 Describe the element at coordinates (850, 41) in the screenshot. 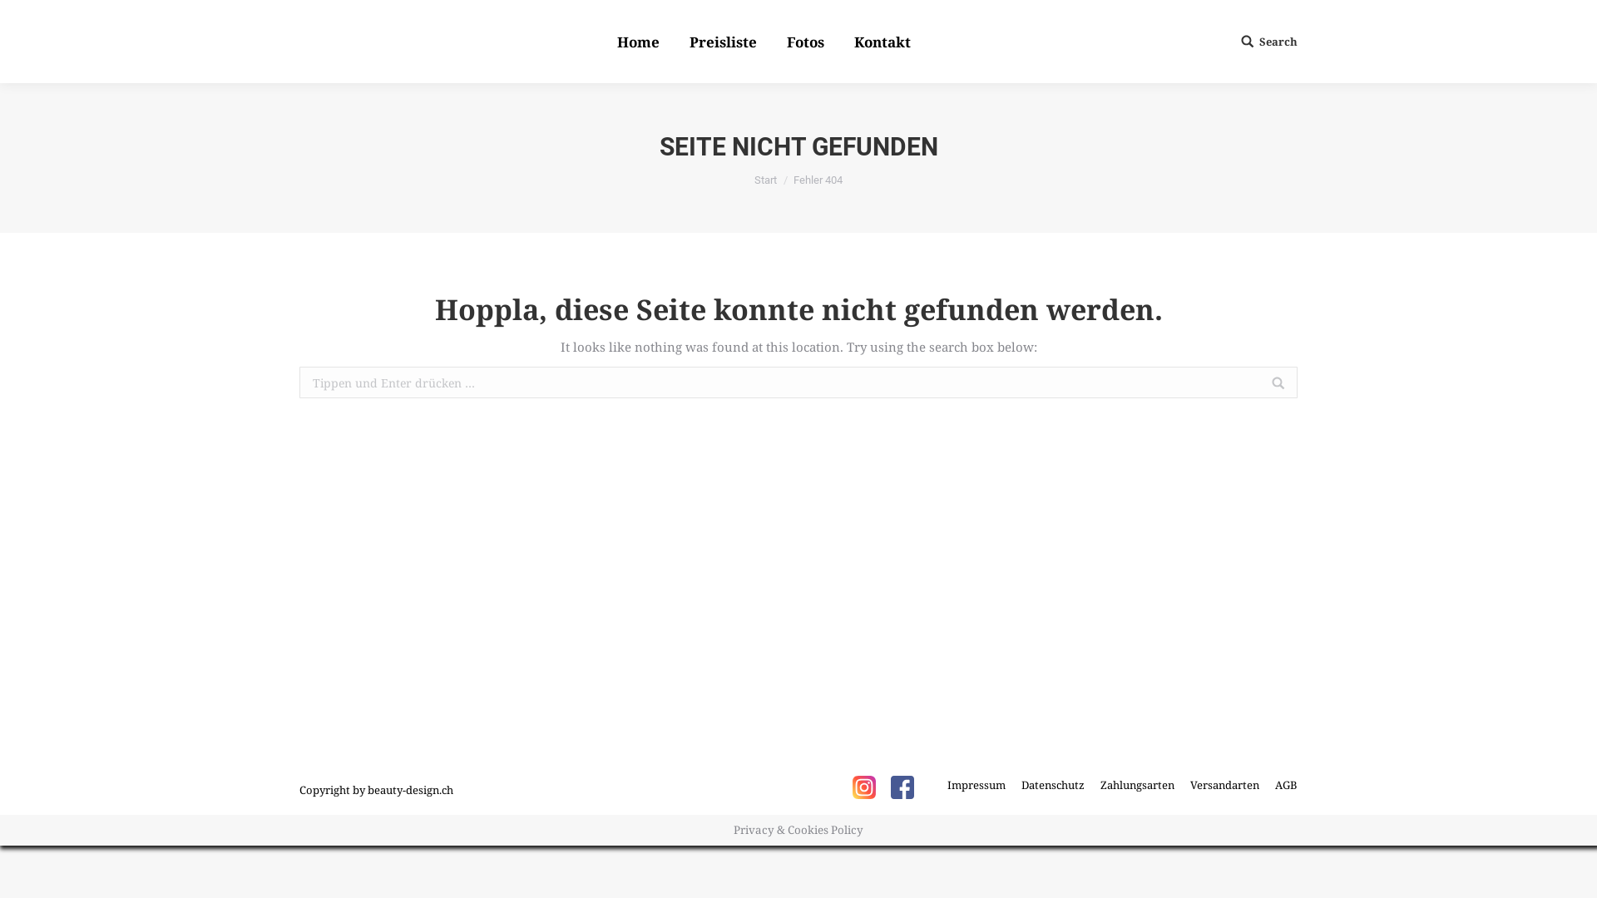

I see `'Kontakt'` at that location.